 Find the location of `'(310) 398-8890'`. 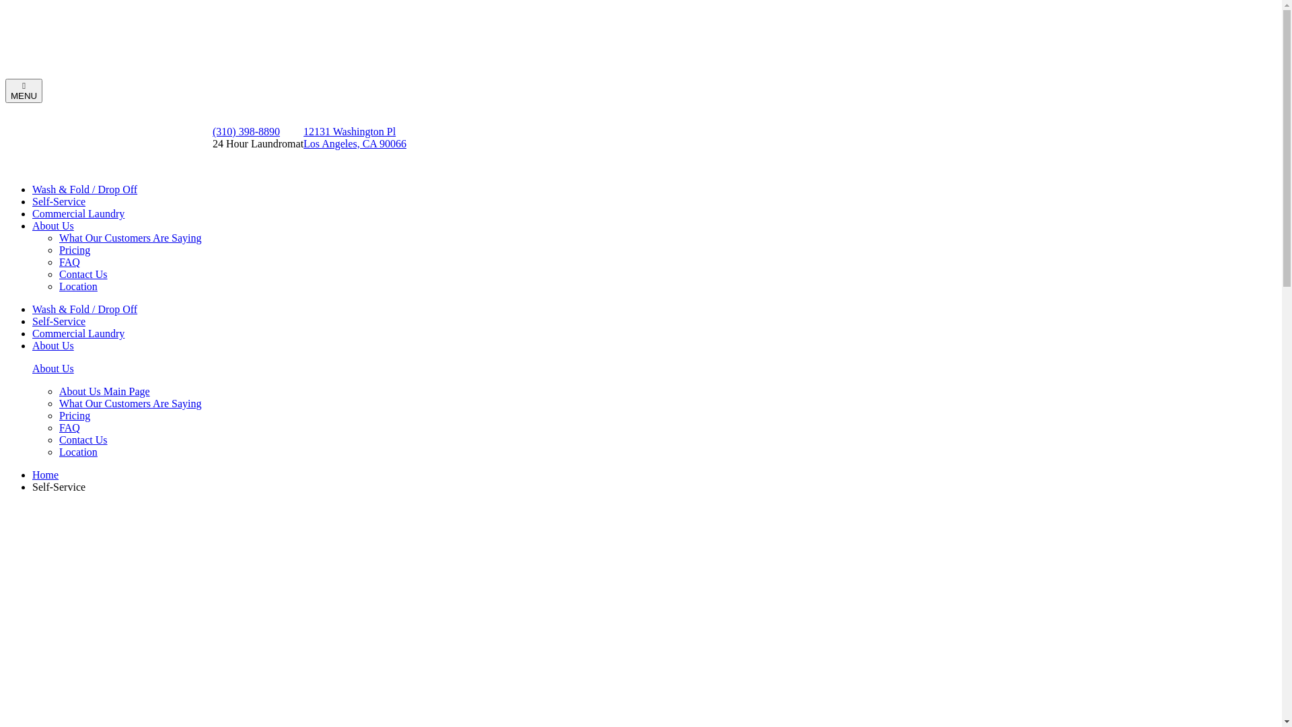

'(310) 398-8890' is located at coordinates (212, 131).